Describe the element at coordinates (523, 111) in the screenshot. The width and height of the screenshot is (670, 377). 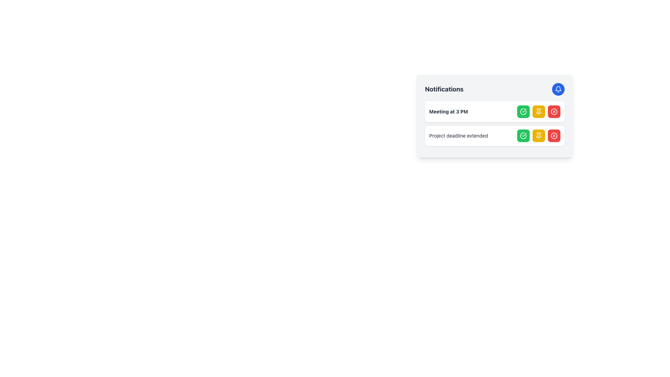
I see `the first action button located to the right of the 'Meeting at 3 PM' notification card` at that location.